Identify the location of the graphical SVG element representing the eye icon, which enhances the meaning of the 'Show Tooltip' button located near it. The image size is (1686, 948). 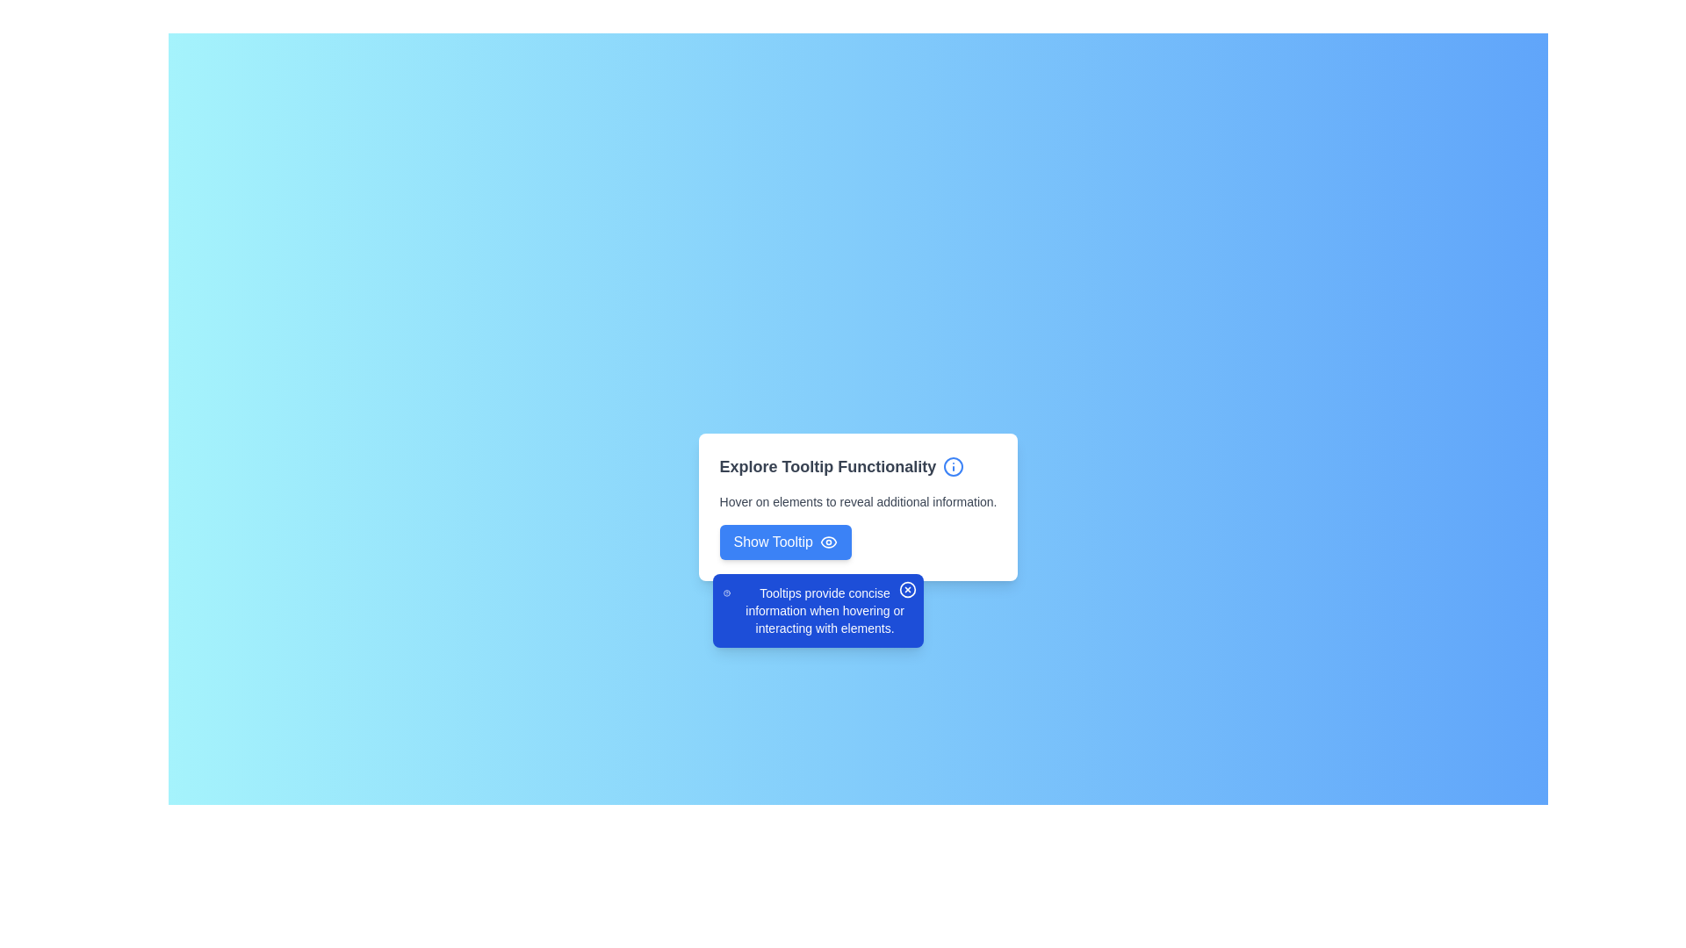
(827, 541).